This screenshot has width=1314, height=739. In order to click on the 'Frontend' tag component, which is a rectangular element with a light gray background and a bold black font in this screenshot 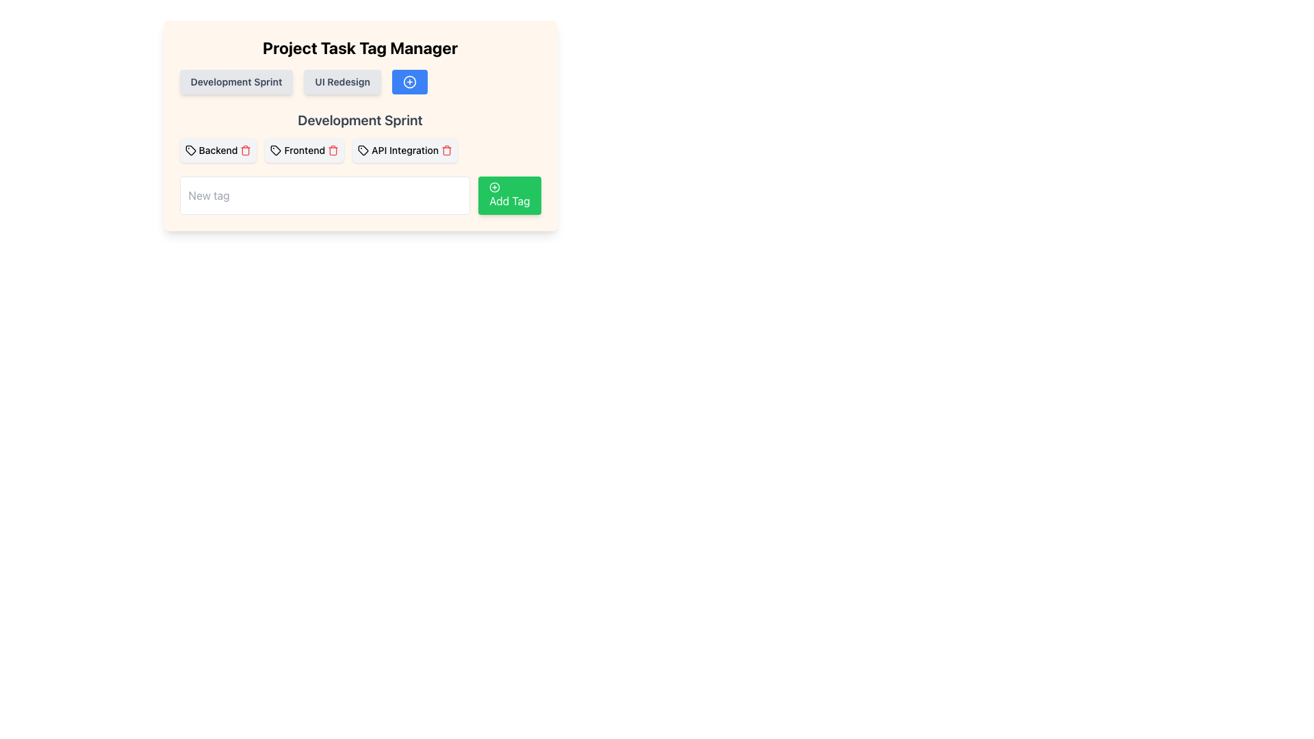, I will do `click(304, 150)`.